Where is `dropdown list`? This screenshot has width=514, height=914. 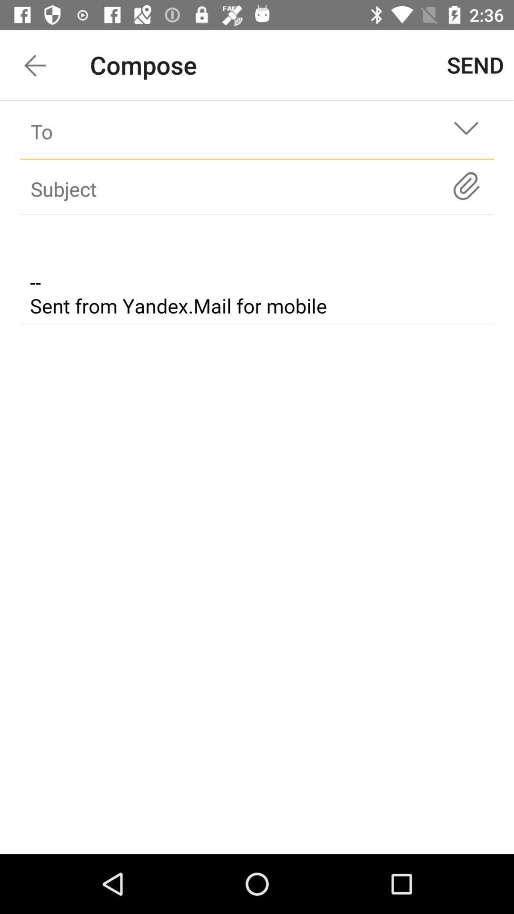
dropdown list is located at coordinates (465, 131).